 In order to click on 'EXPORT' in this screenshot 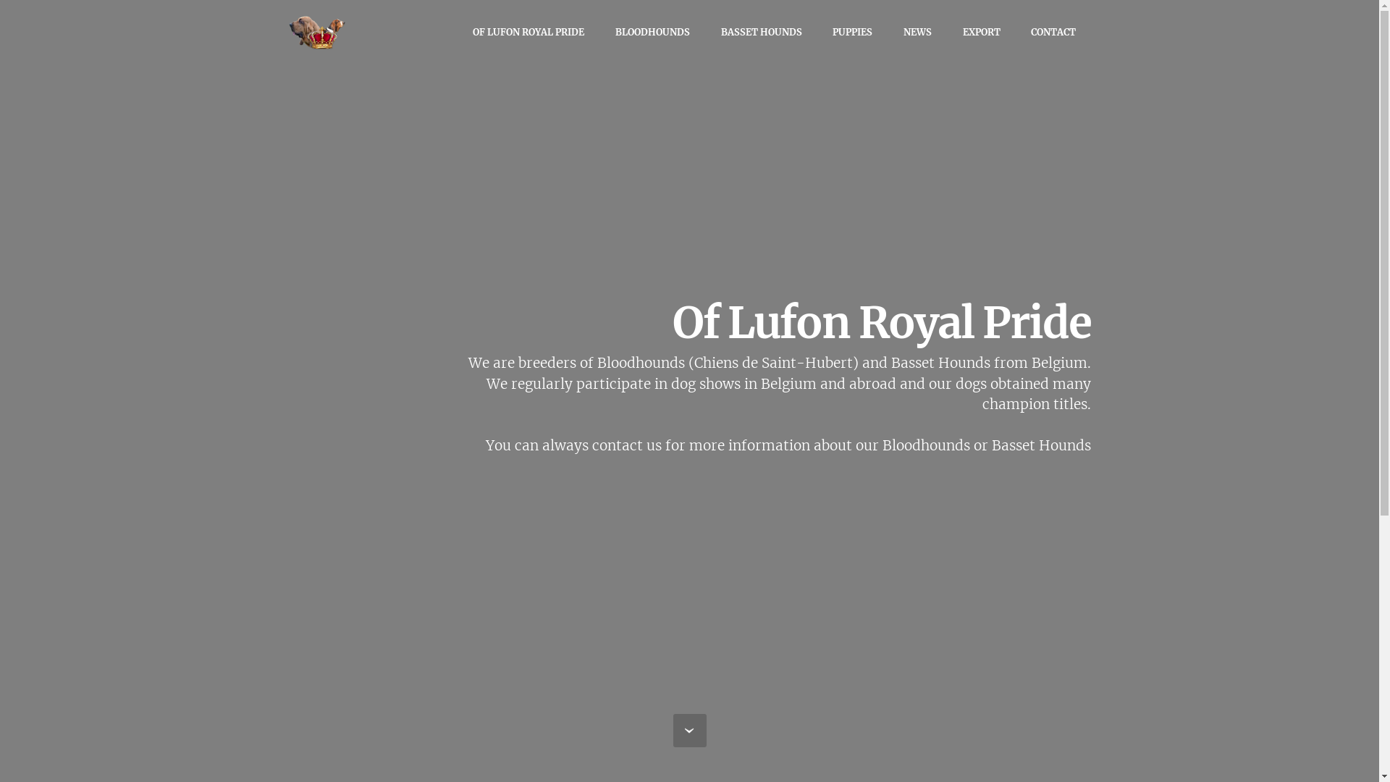, I will do `click(982, 32)`.